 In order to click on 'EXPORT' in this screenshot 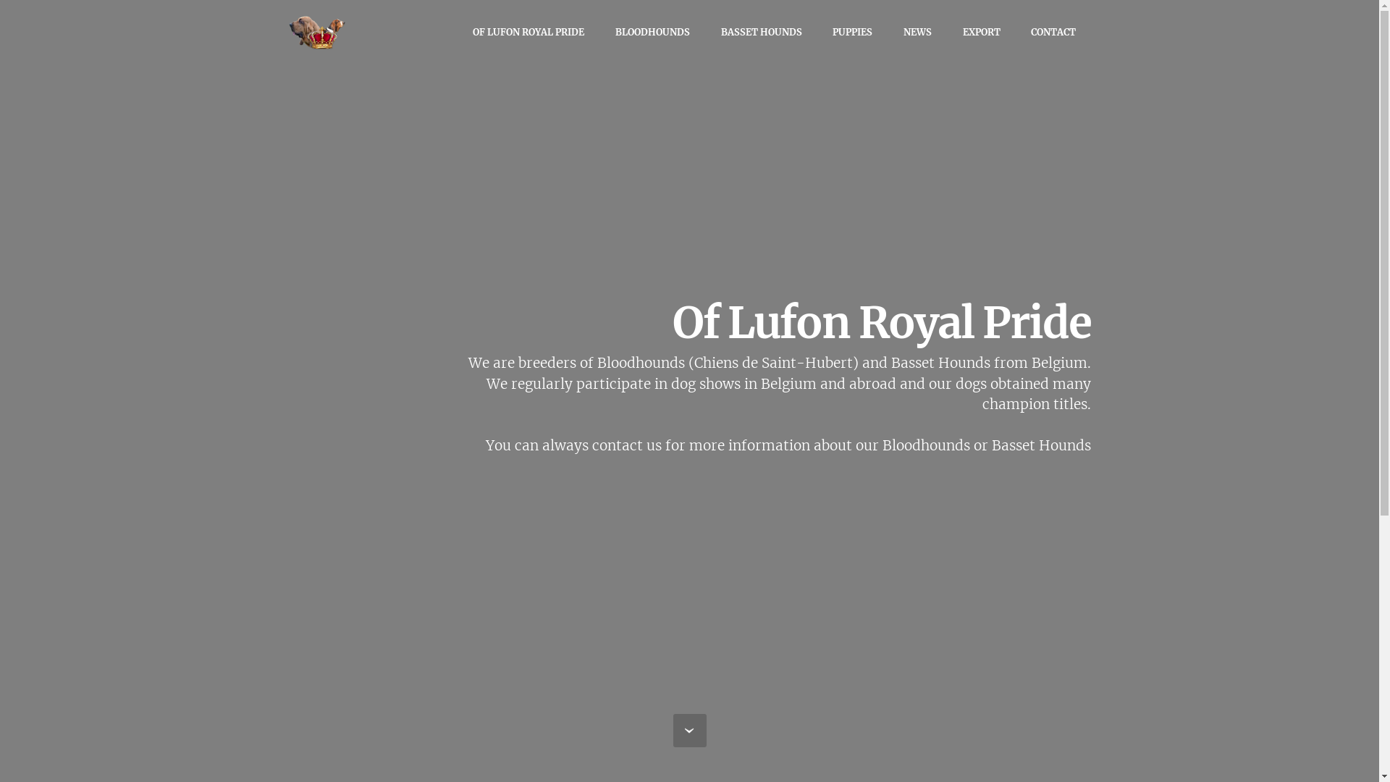, I will do `click(982, 32)`.